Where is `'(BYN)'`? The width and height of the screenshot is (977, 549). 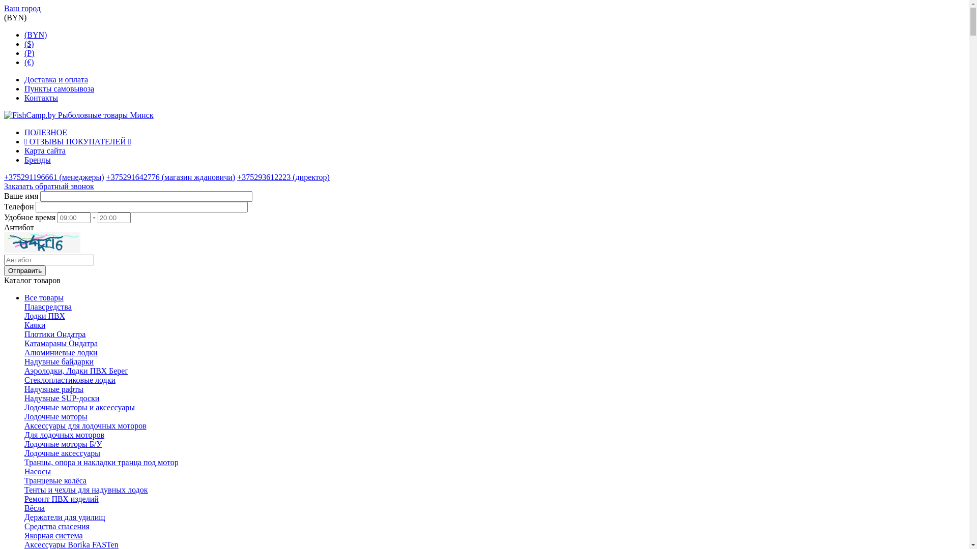
'(BYN)' is located at coordinates (15, 17).